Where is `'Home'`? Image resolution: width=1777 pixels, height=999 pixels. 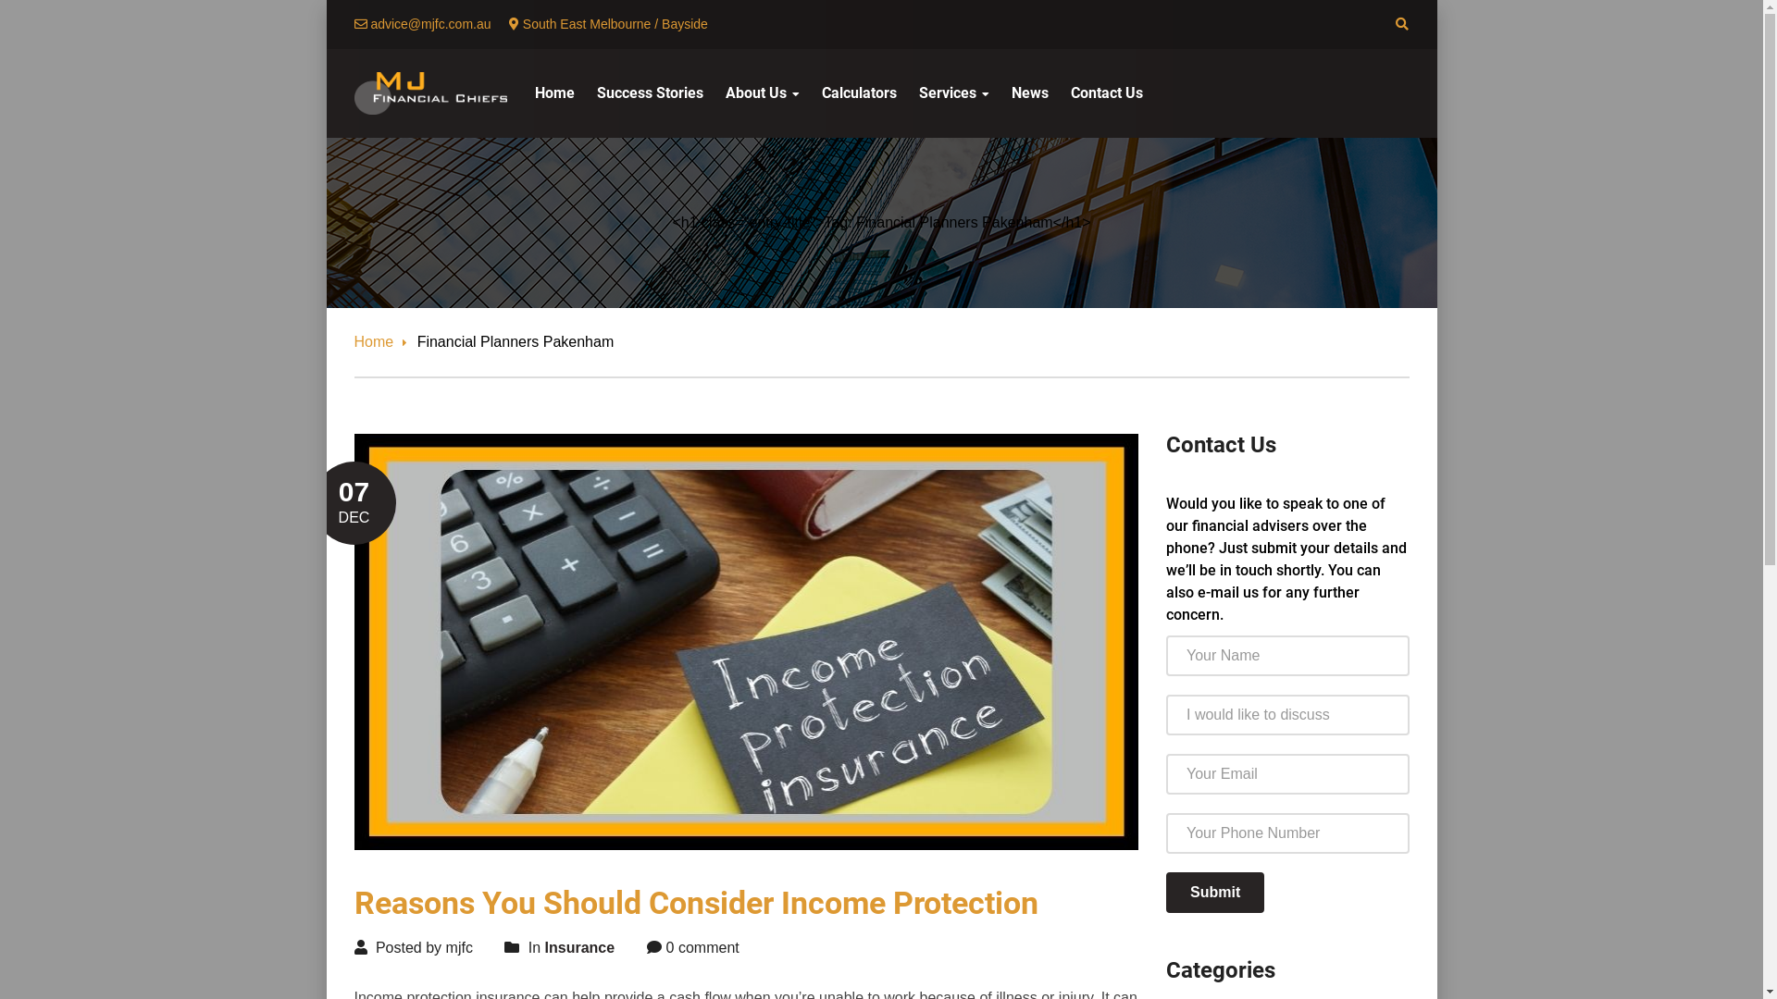 'Home' is located at coordinates (553, 92).